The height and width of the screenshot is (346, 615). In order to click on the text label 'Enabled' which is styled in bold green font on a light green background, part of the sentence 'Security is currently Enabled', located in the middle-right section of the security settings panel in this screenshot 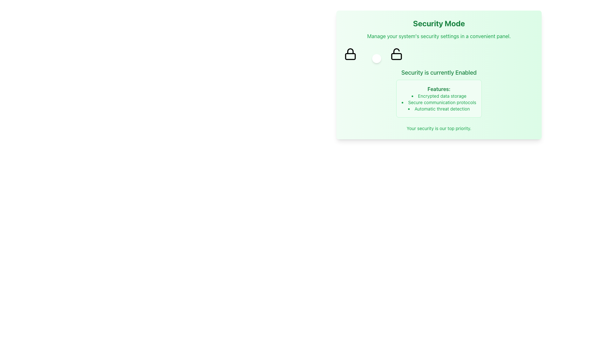, I will do `click(466, 72)`.